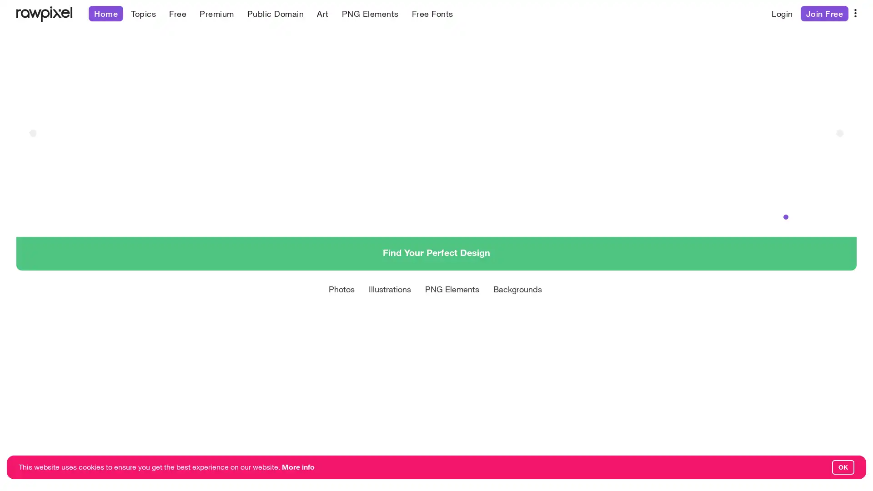  I want to click on Save, so click(659, 461).